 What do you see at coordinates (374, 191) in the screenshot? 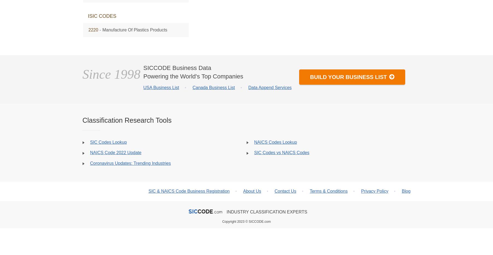
I see `'Privacy Policy'` at bounding box center [374, 191].